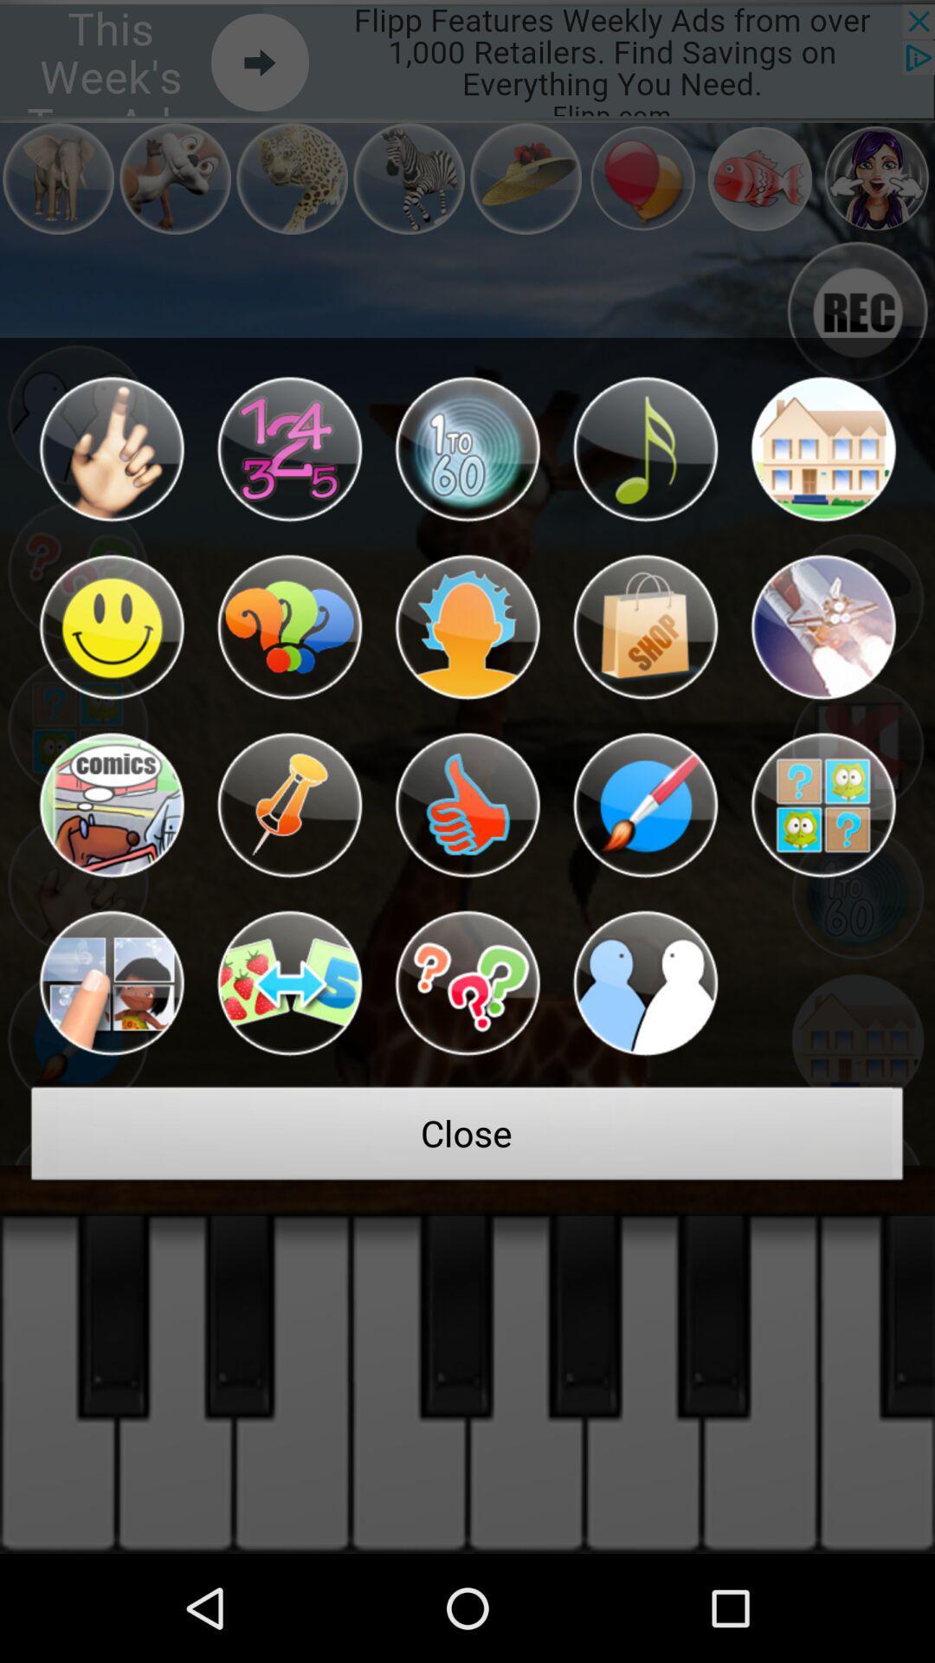 The image size is (935, 1663). I want to click on this icon, so click(111, 626).